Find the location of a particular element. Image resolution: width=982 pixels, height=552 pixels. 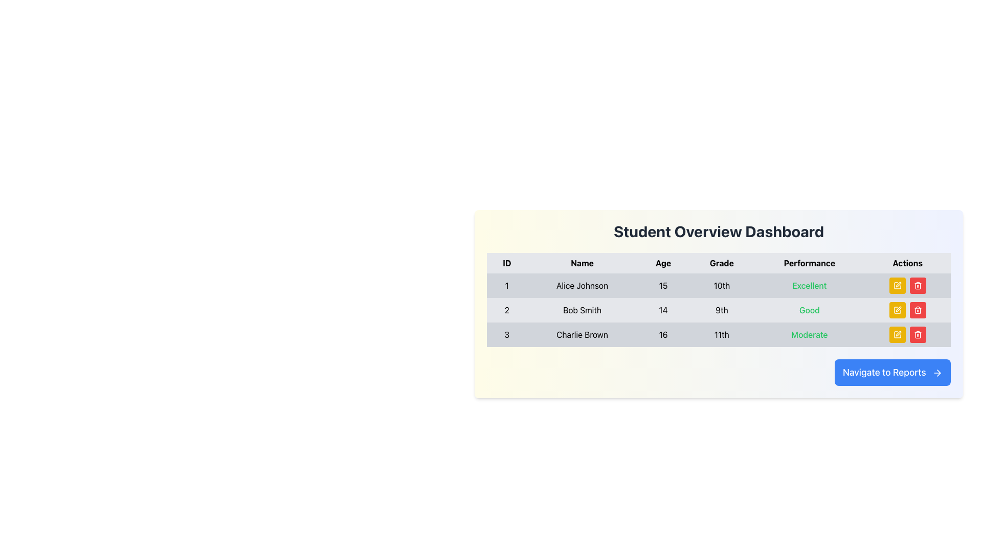

the static text element displaying '2' in bold font located in the second row of the table under the 'ID' column is located at coordinates (507, 309).